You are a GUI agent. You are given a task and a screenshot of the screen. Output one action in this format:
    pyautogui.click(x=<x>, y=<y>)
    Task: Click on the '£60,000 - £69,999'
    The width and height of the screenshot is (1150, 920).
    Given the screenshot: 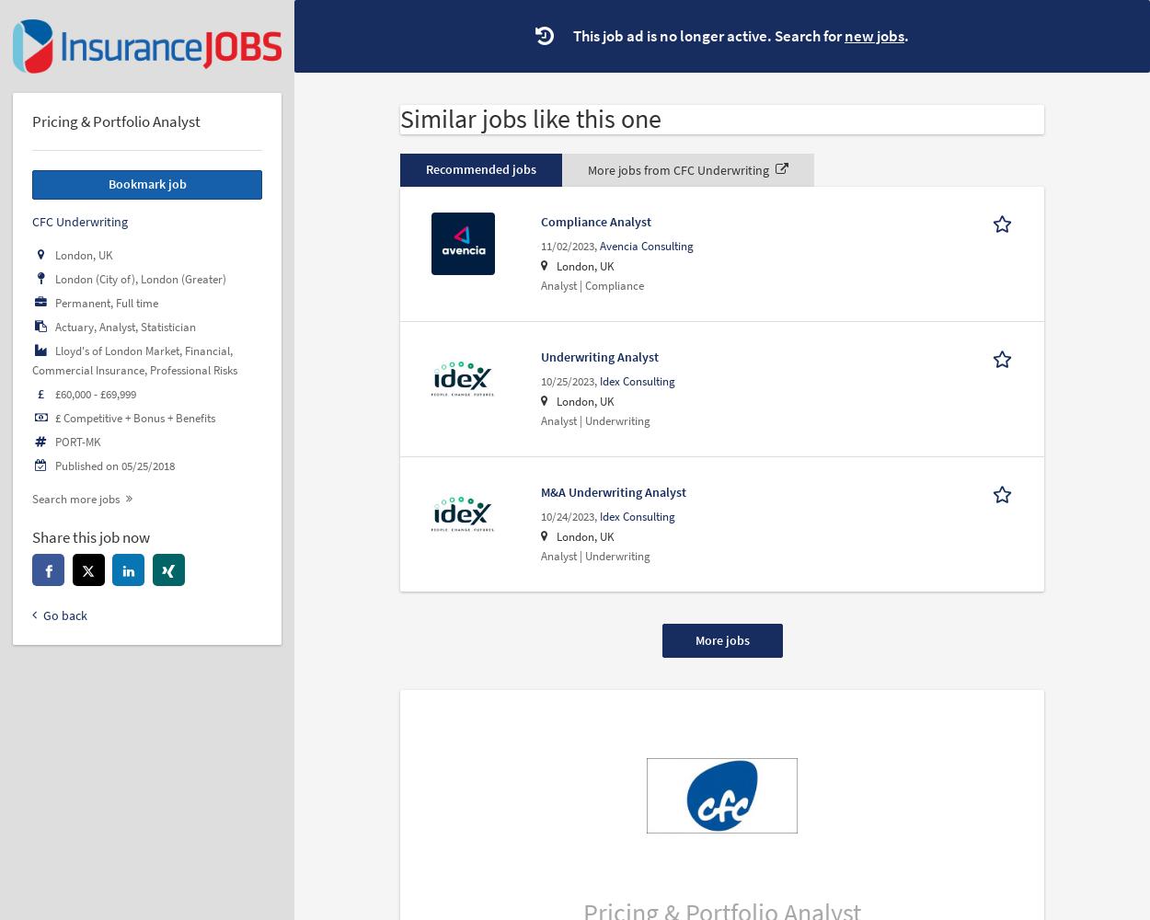 What is the action you would take?
    pyautogui.click(x=95, y=393)
    